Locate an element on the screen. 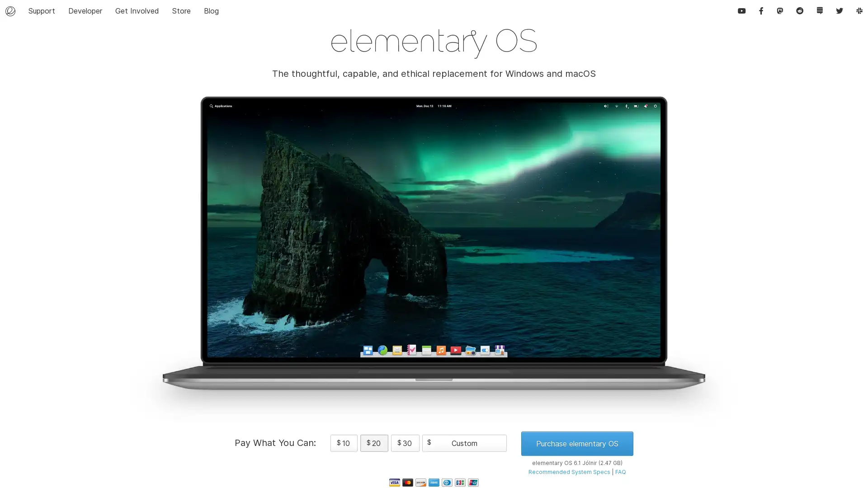 This screenshot has height=488, width=868. $ 20 is located at coordinates (374, 442).